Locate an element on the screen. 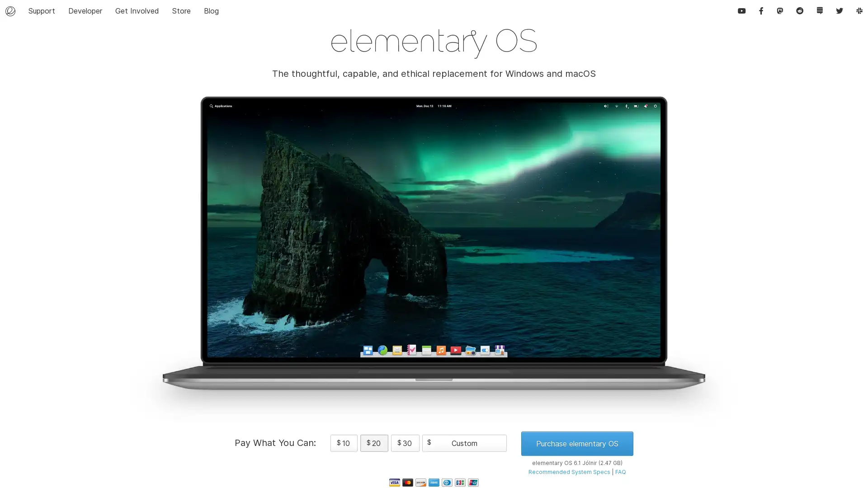 This screenshot has height=488, width=868. $ 20 is located at coordinates (374, 442).